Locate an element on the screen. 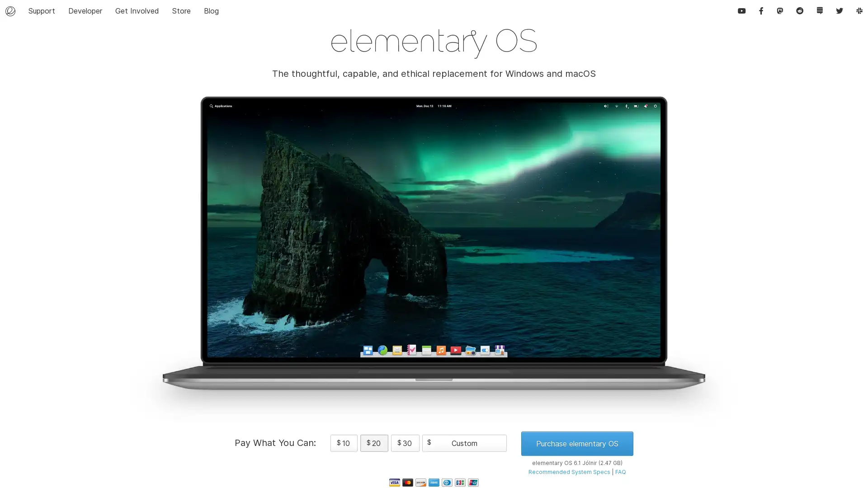 This screenshot has height=488, width=868. $ 20 is located at coordinates (374, 442).